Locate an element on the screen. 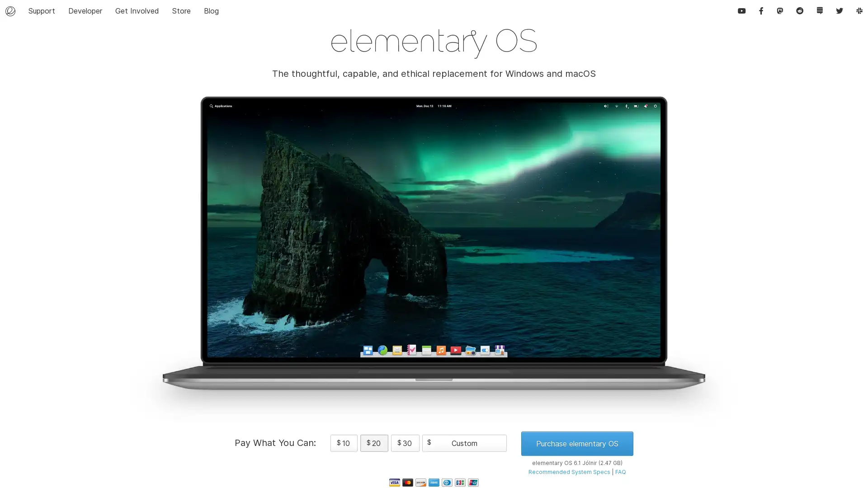 This screenshot has height=488, width=868. $ 20 is located at coordinates (374, 442).